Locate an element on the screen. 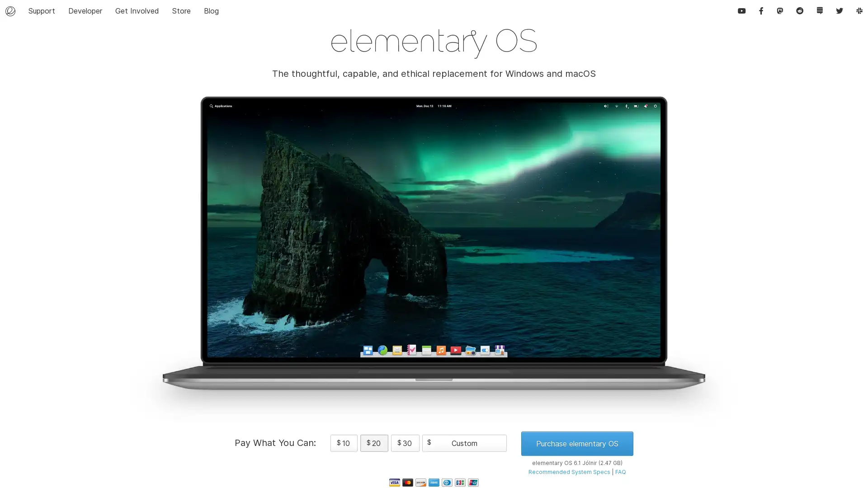 This screenshot has height=488, width=868. $ 20 is located at coordinates (374, 442).